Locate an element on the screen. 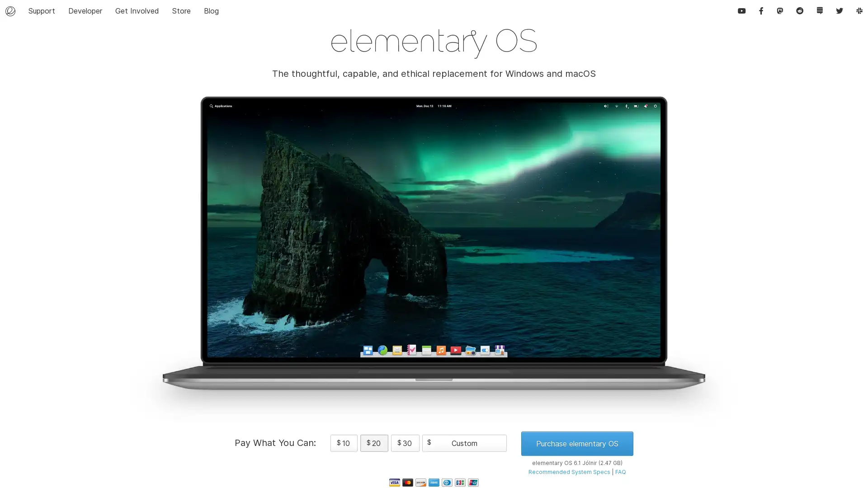 This screenshot has height=488, width=868. $ 20 is located at coordinates (374, 442).